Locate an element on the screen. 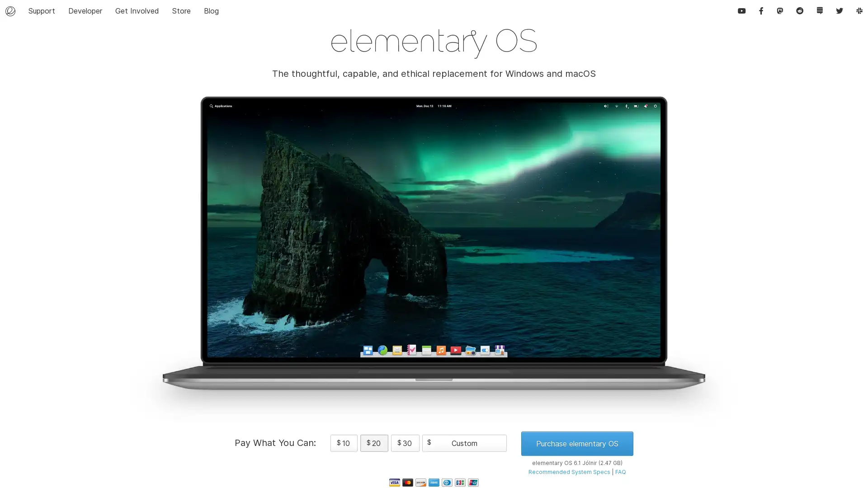 This screenshot has height=488, width=868. $ 20 is located at coordinates (374, 442).